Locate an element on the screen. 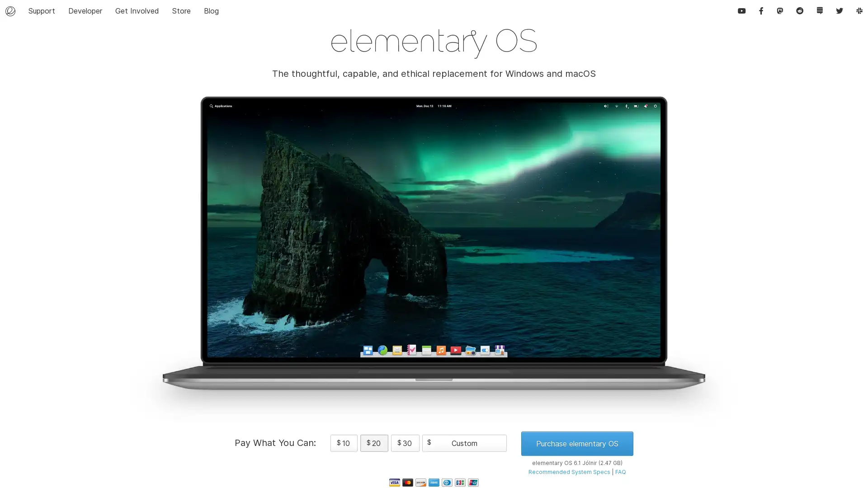 This screenshot has height=488, width=868. $ 20 is located at coordinates (374, 442).